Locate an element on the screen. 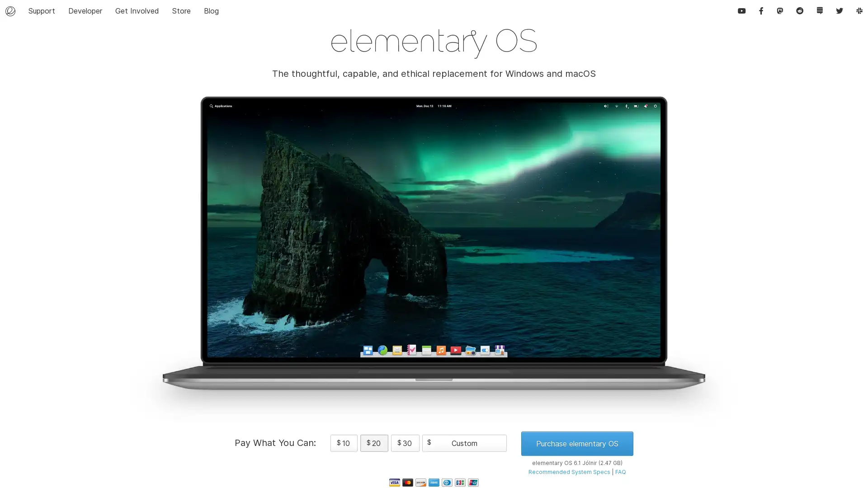 This screenshot has height=488, width=868. $ 20 is located at coordinates (374, 442).